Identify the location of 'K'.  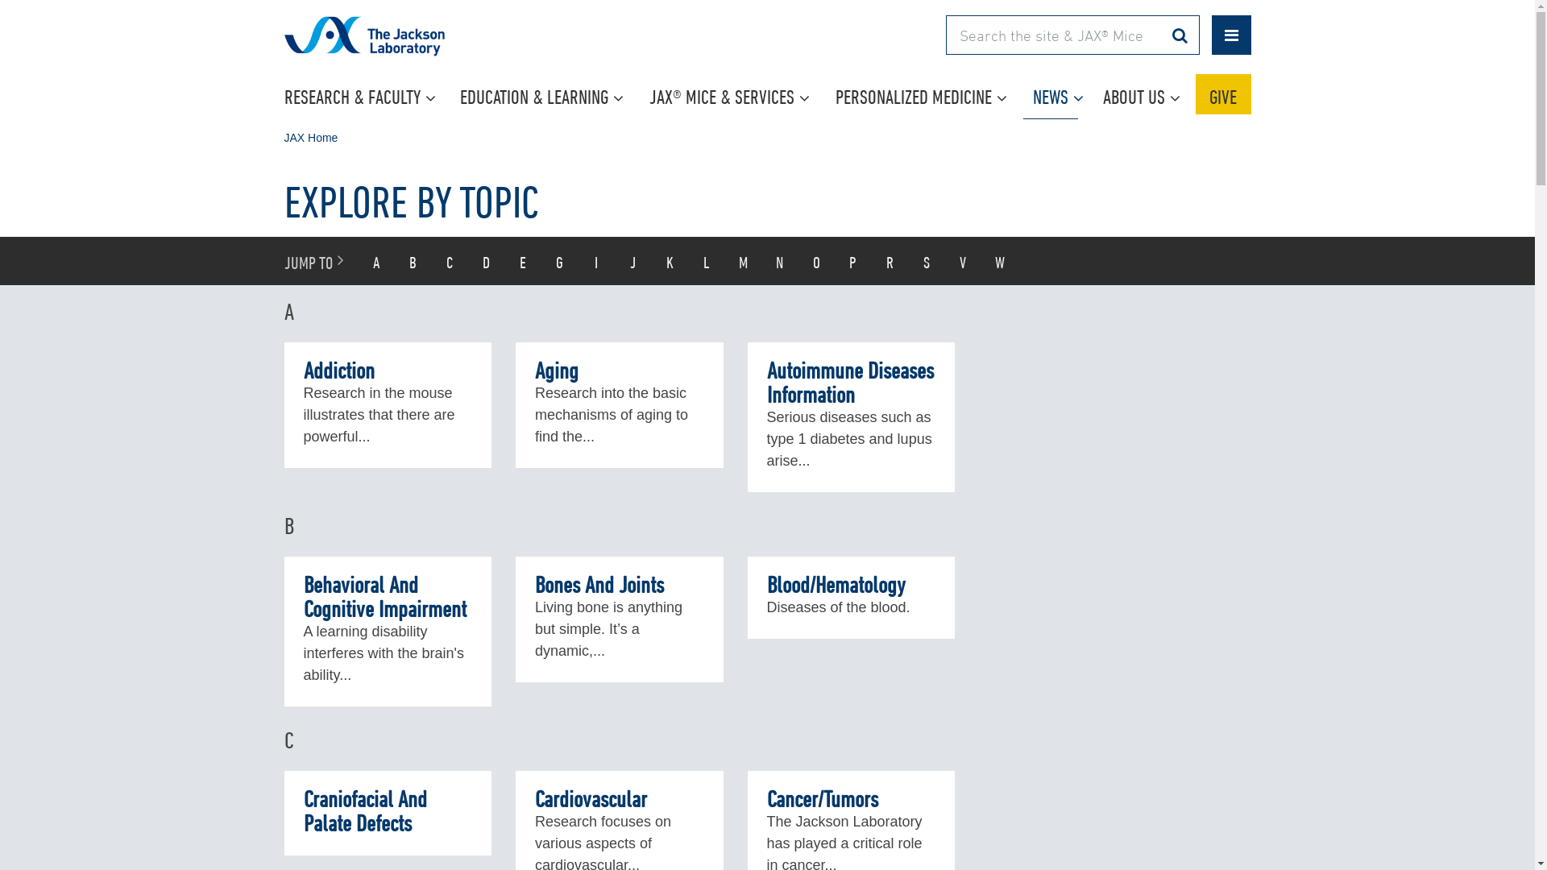
(669, 260).